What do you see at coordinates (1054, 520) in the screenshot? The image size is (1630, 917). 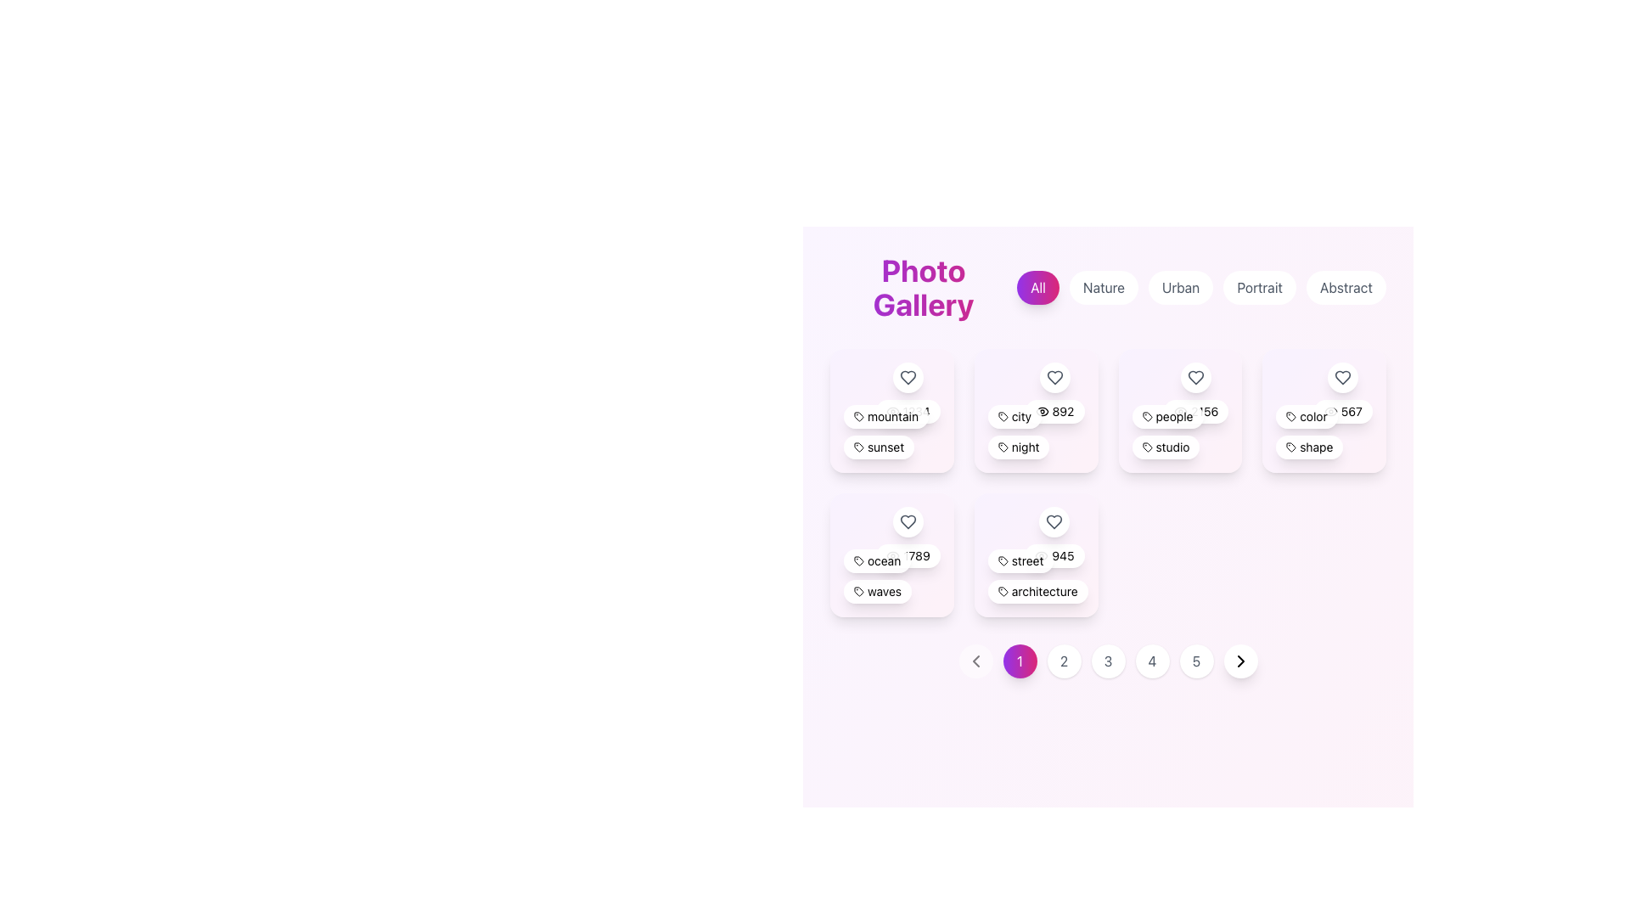 I see `the circular button with a white background and a gray heart icon in the center to like this item` at bounding box center [1054, 520].